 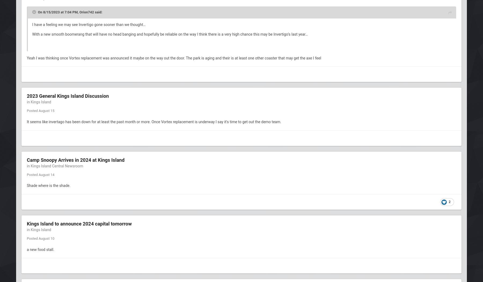 What do you see at coordinates (41, 249) in the screenshot?
I see `'a new food stall.'` at bounding box center [41, 249].